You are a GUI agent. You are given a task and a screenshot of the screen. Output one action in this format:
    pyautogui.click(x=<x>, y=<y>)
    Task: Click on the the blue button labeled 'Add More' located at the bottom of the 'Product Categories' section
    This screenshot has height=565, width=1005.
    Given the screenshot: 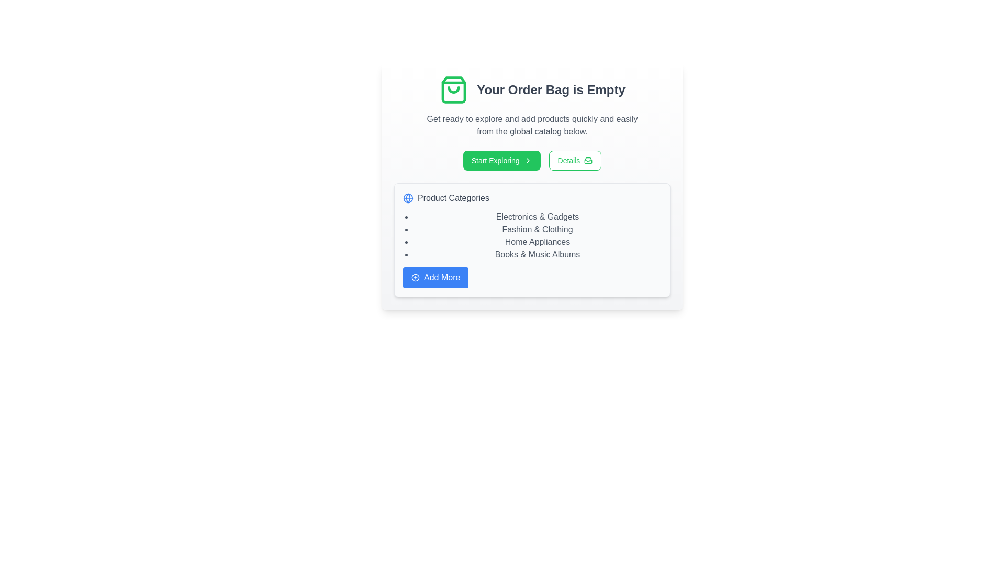 What is the action you would take?
    pyautogui.click(x=435, y=277)
    